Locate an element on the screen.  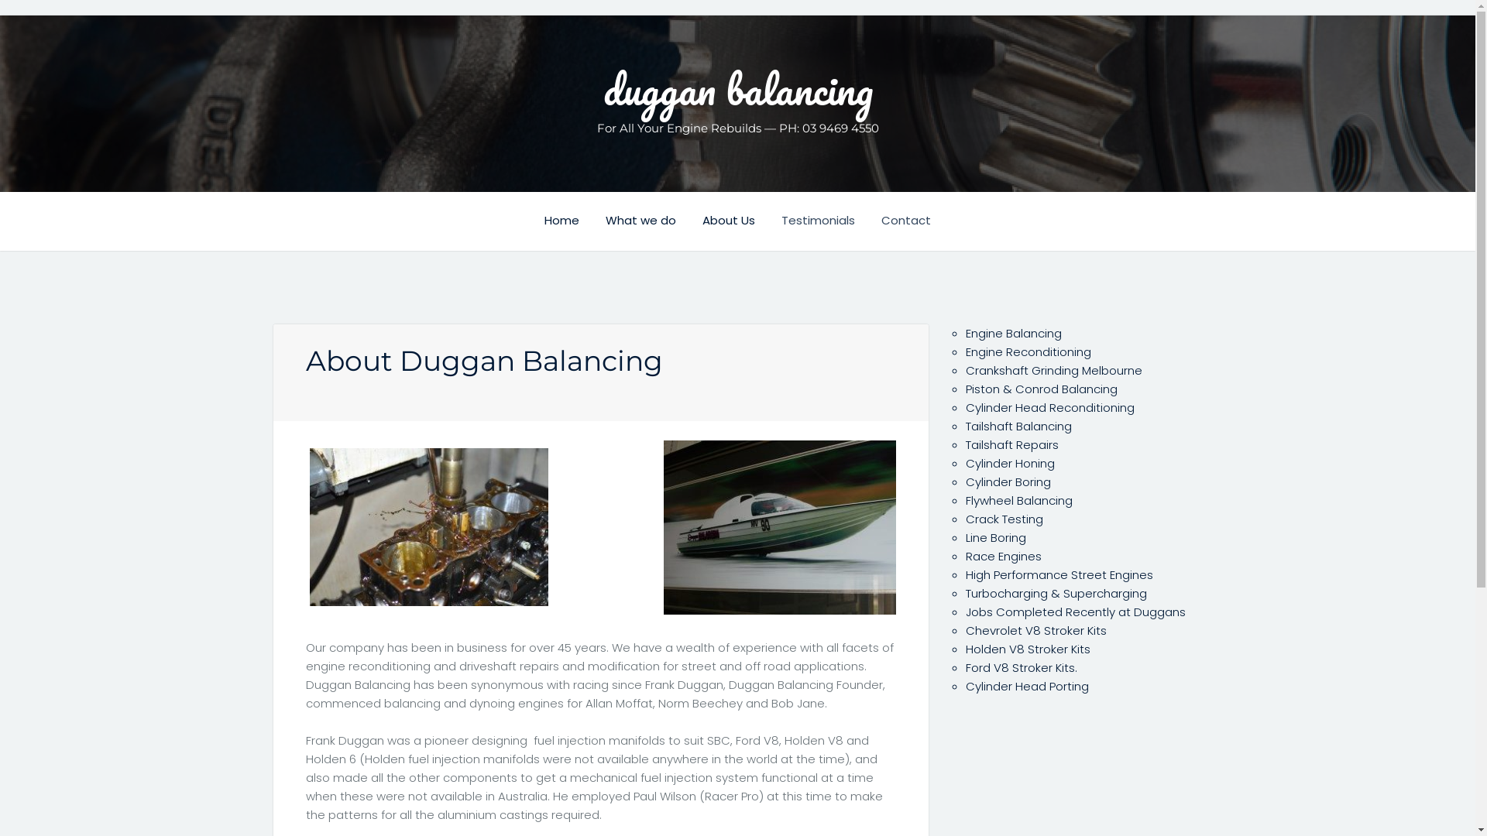
'Turbocharging & Supercharging' is located at coordinates (1055, 592).